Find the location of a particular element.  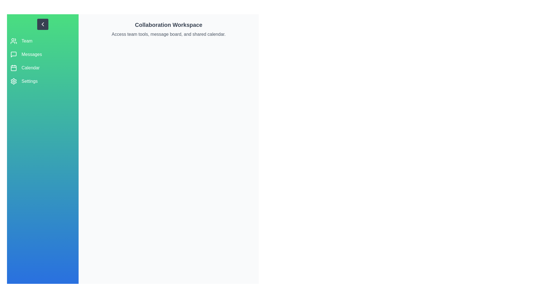

the sidebar option corresponding to Team is located at coordinates (43, 41).